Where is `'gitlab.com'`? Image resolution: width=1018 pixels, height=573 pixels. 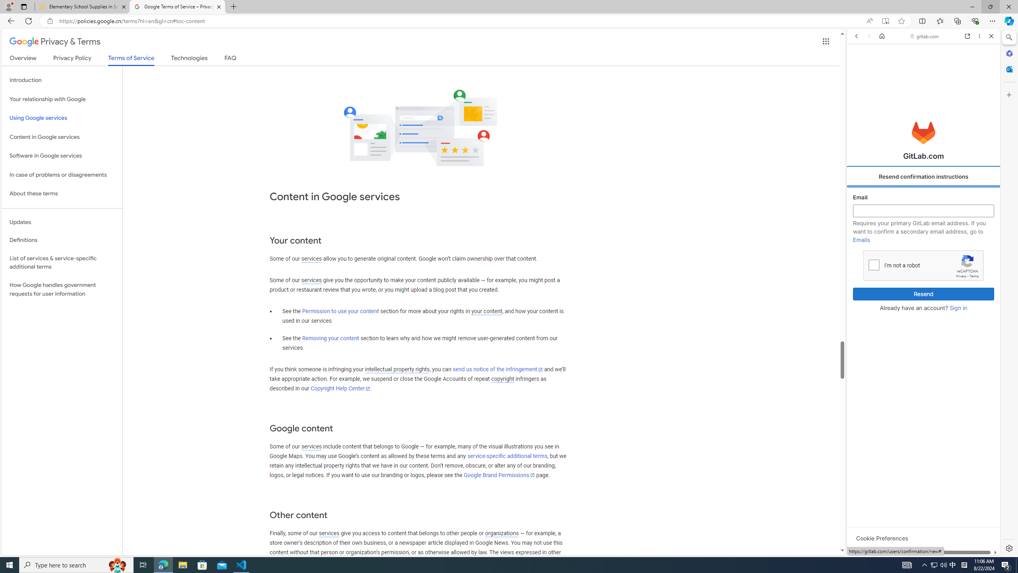
'gitlab.com' is located at coordinates (925, 36).